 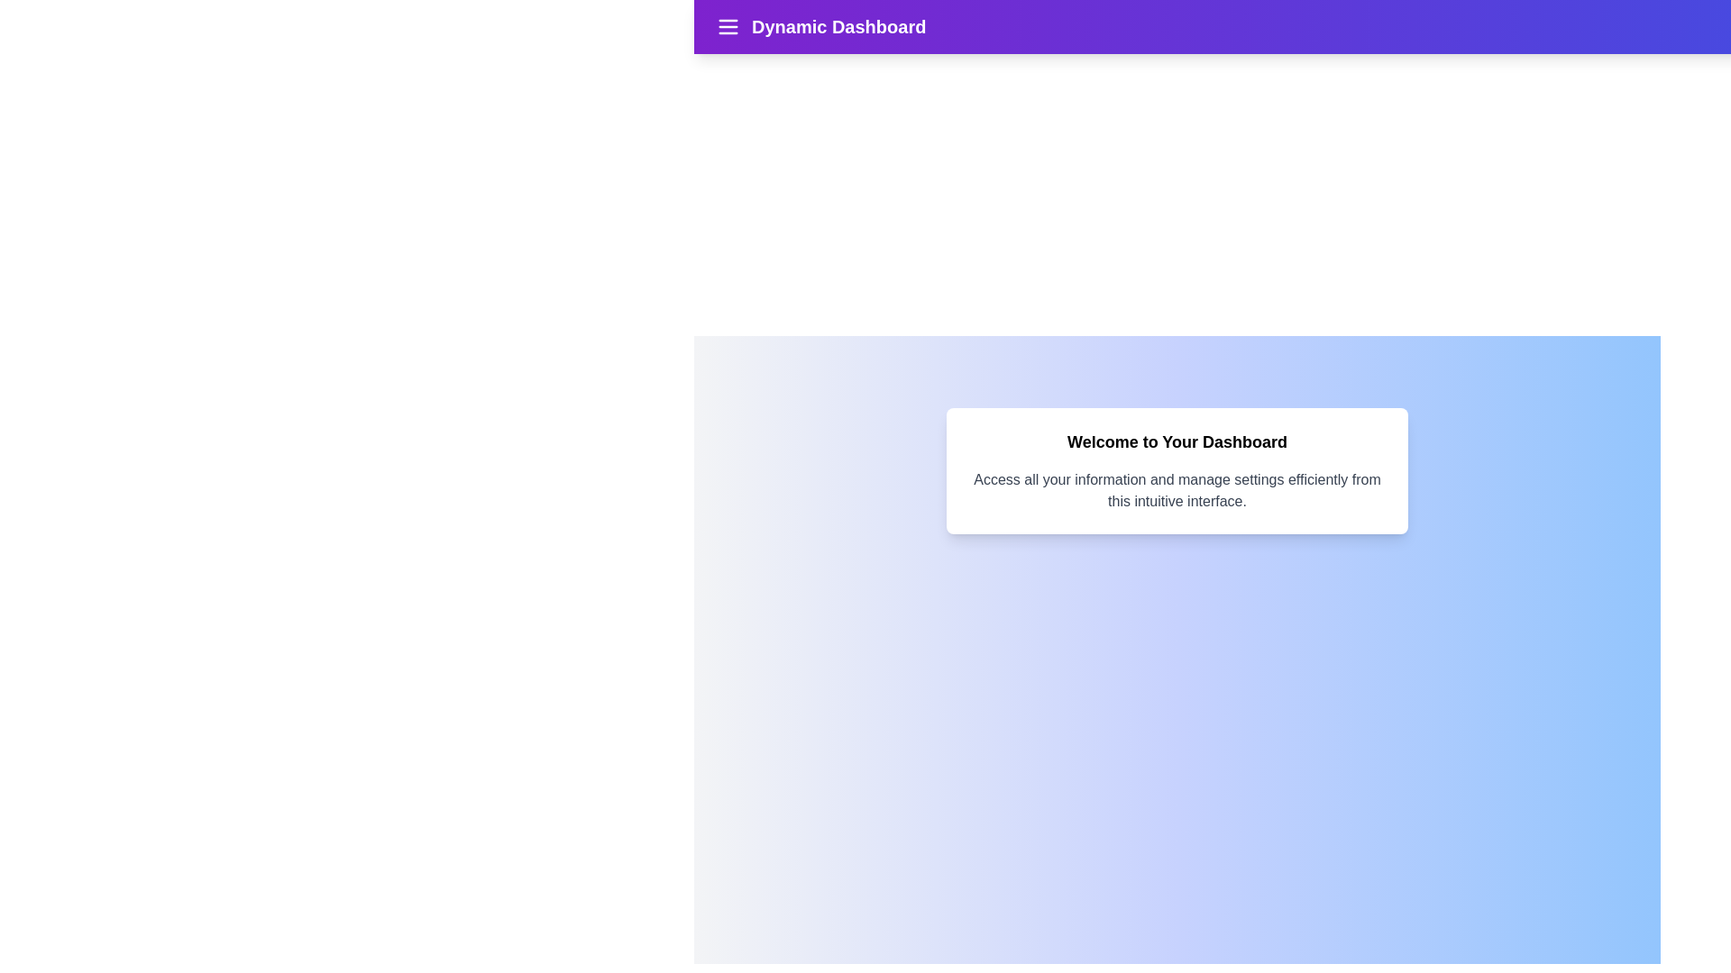 What do you see at coordinates (728, 27) in the screenshot?
I see `the Menu icon to toggle the menu` at bounding box center [728, 27].